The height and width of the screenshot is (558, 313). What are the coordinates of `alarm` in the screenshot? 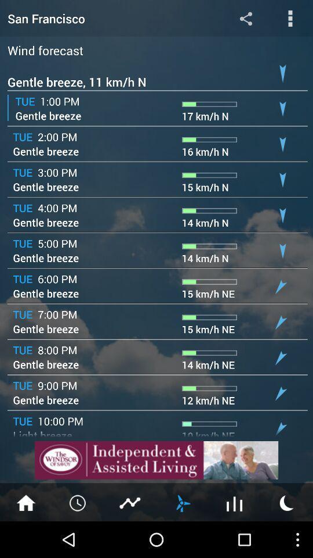 It's located at (78, 502).